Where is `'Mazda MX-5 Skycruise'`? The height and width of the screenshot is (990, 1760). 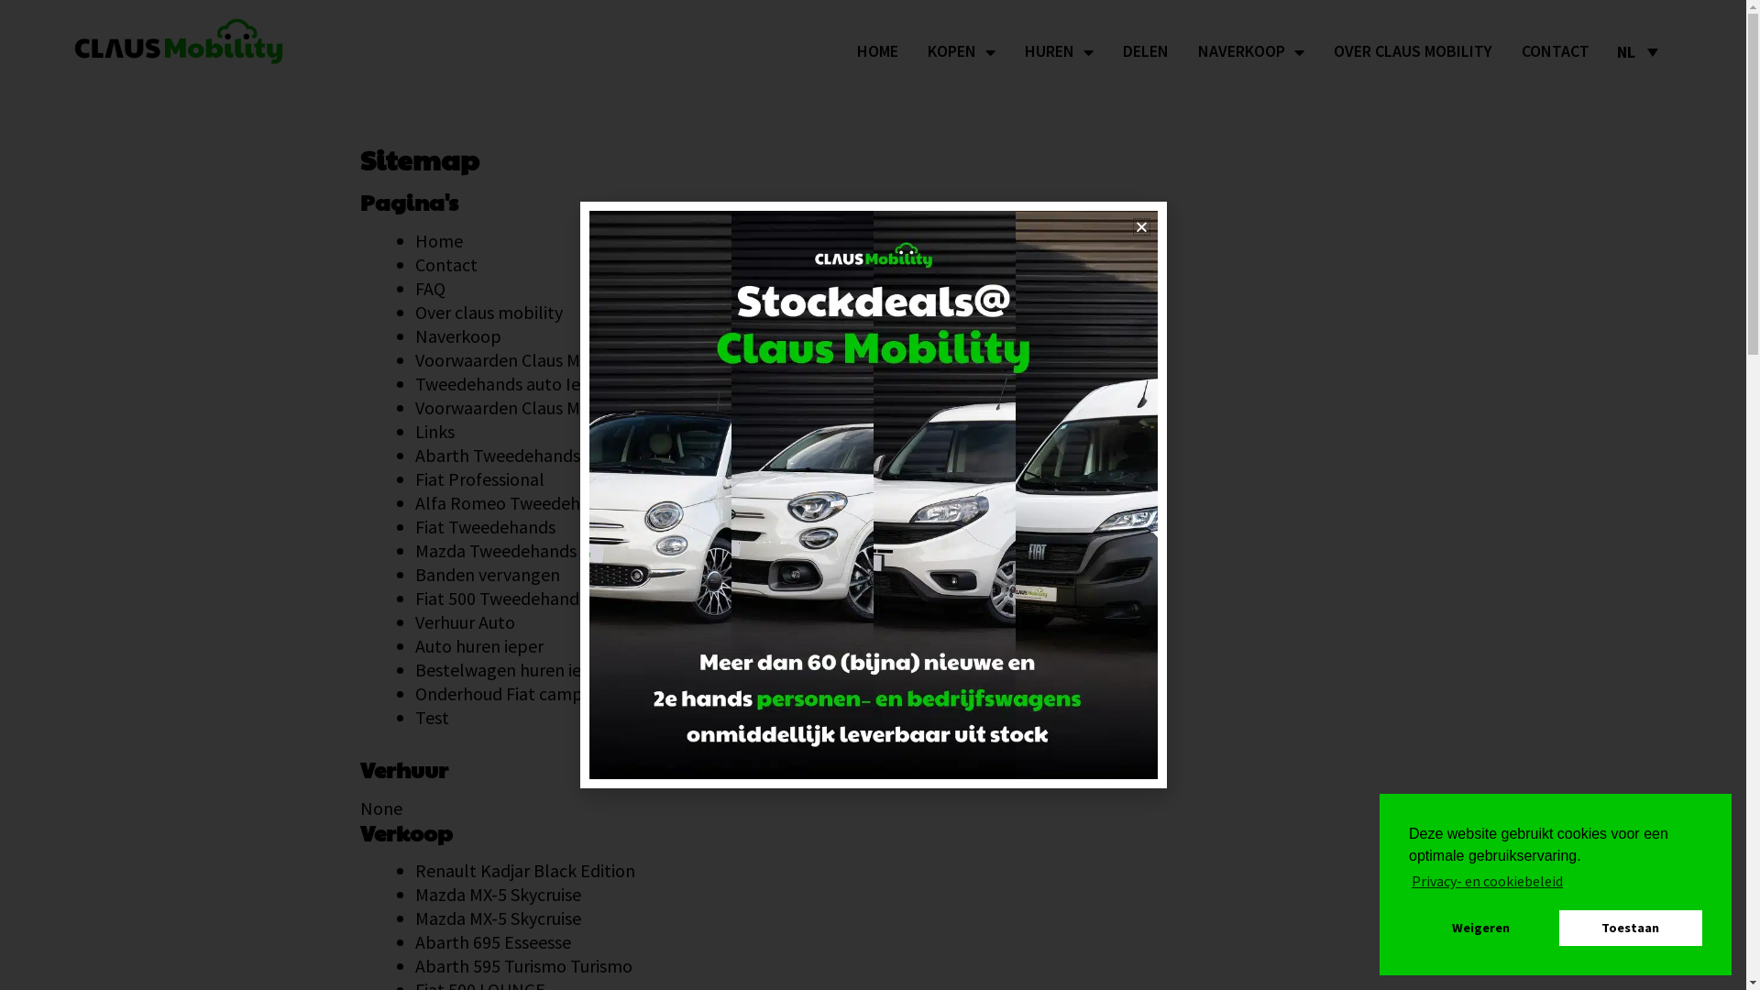
'Mazda MX-5 Skycruise' is located at coordinates (497, 893).